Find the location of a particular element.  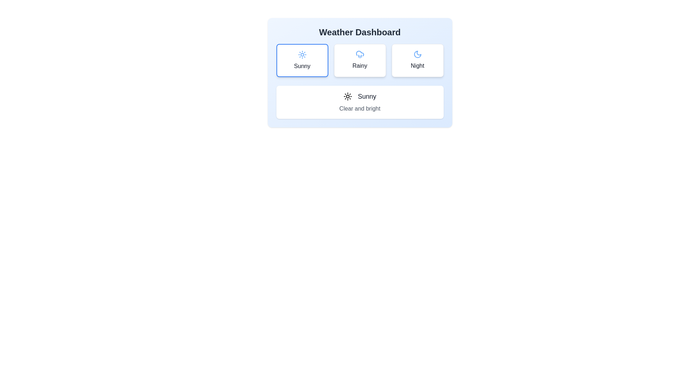

the card labeled 'Rainy' is located at coordinates (360, 60).